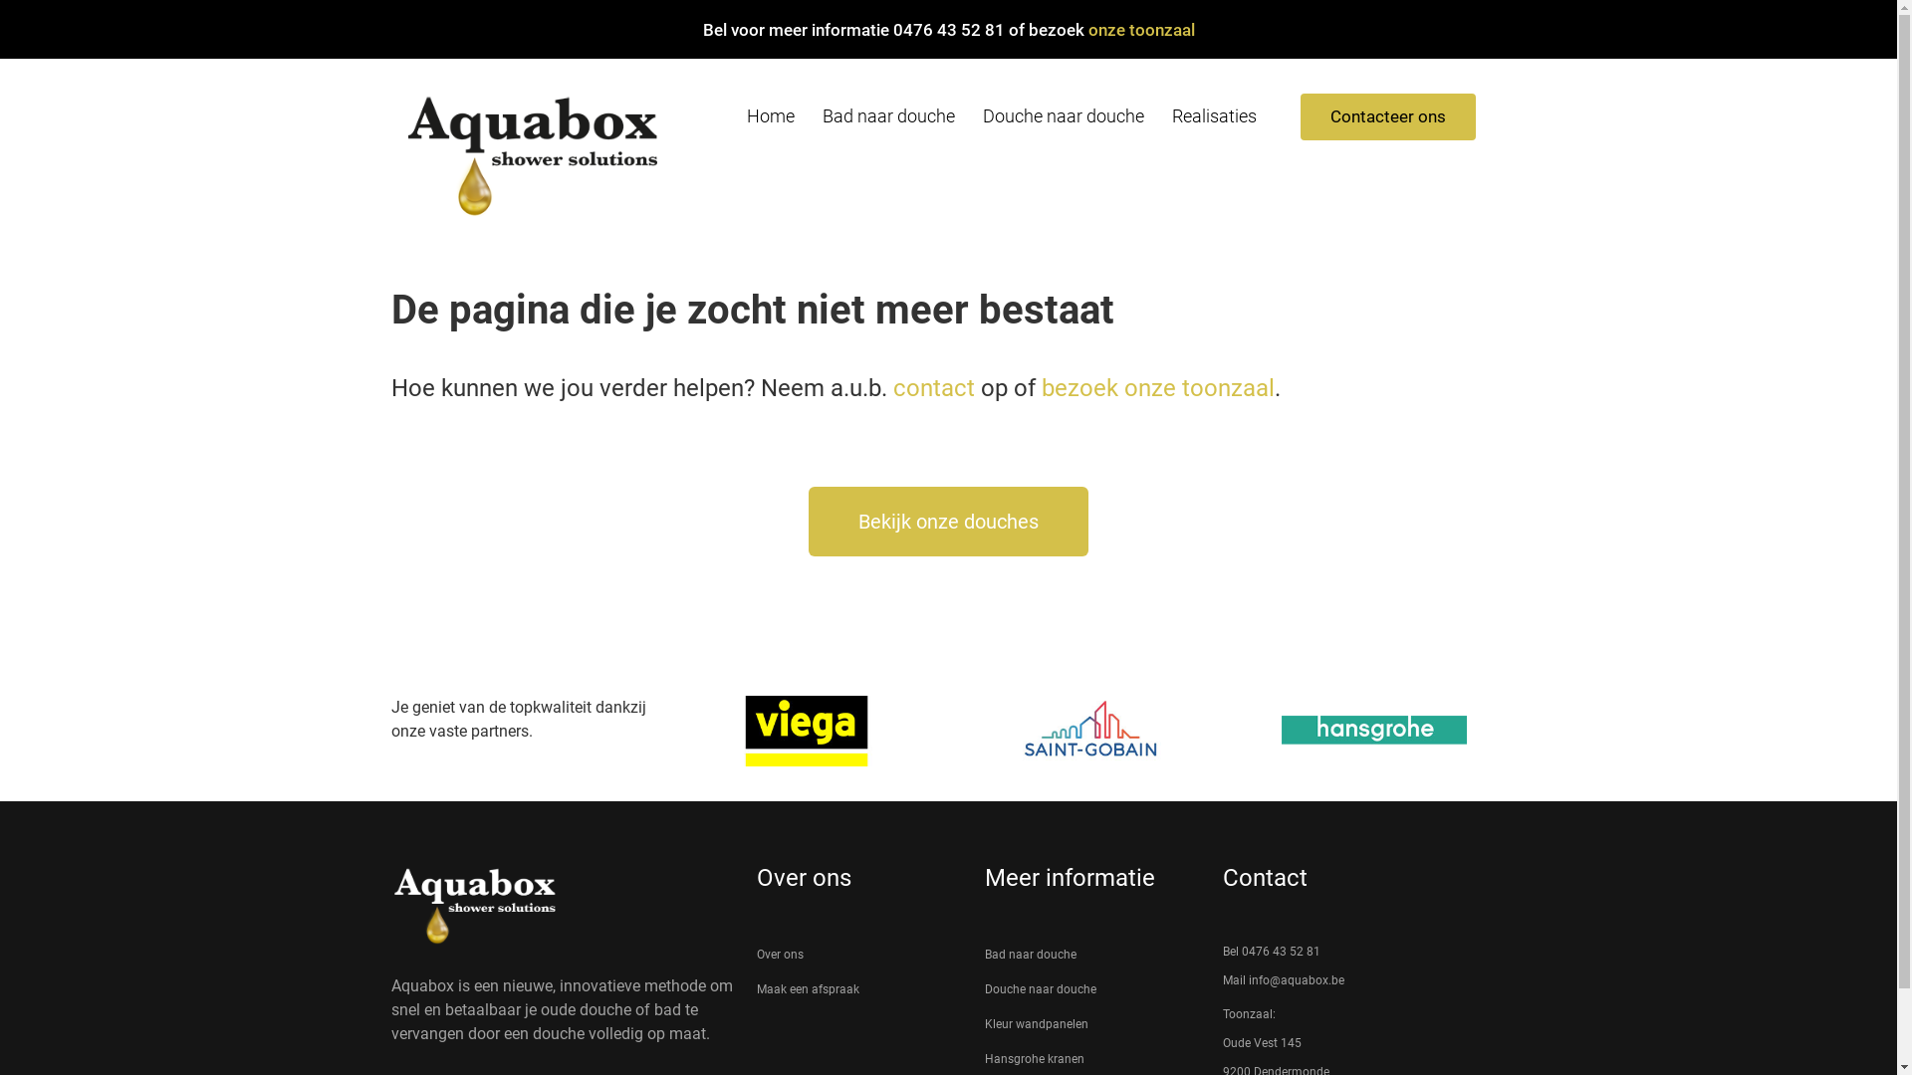 This screenshot has height=1075, width=1912. What do you see at coordinates (1157, 387) in the screenshot?
I see `'bezoek onze toonzaal'` at bounding box center [1157, 387].